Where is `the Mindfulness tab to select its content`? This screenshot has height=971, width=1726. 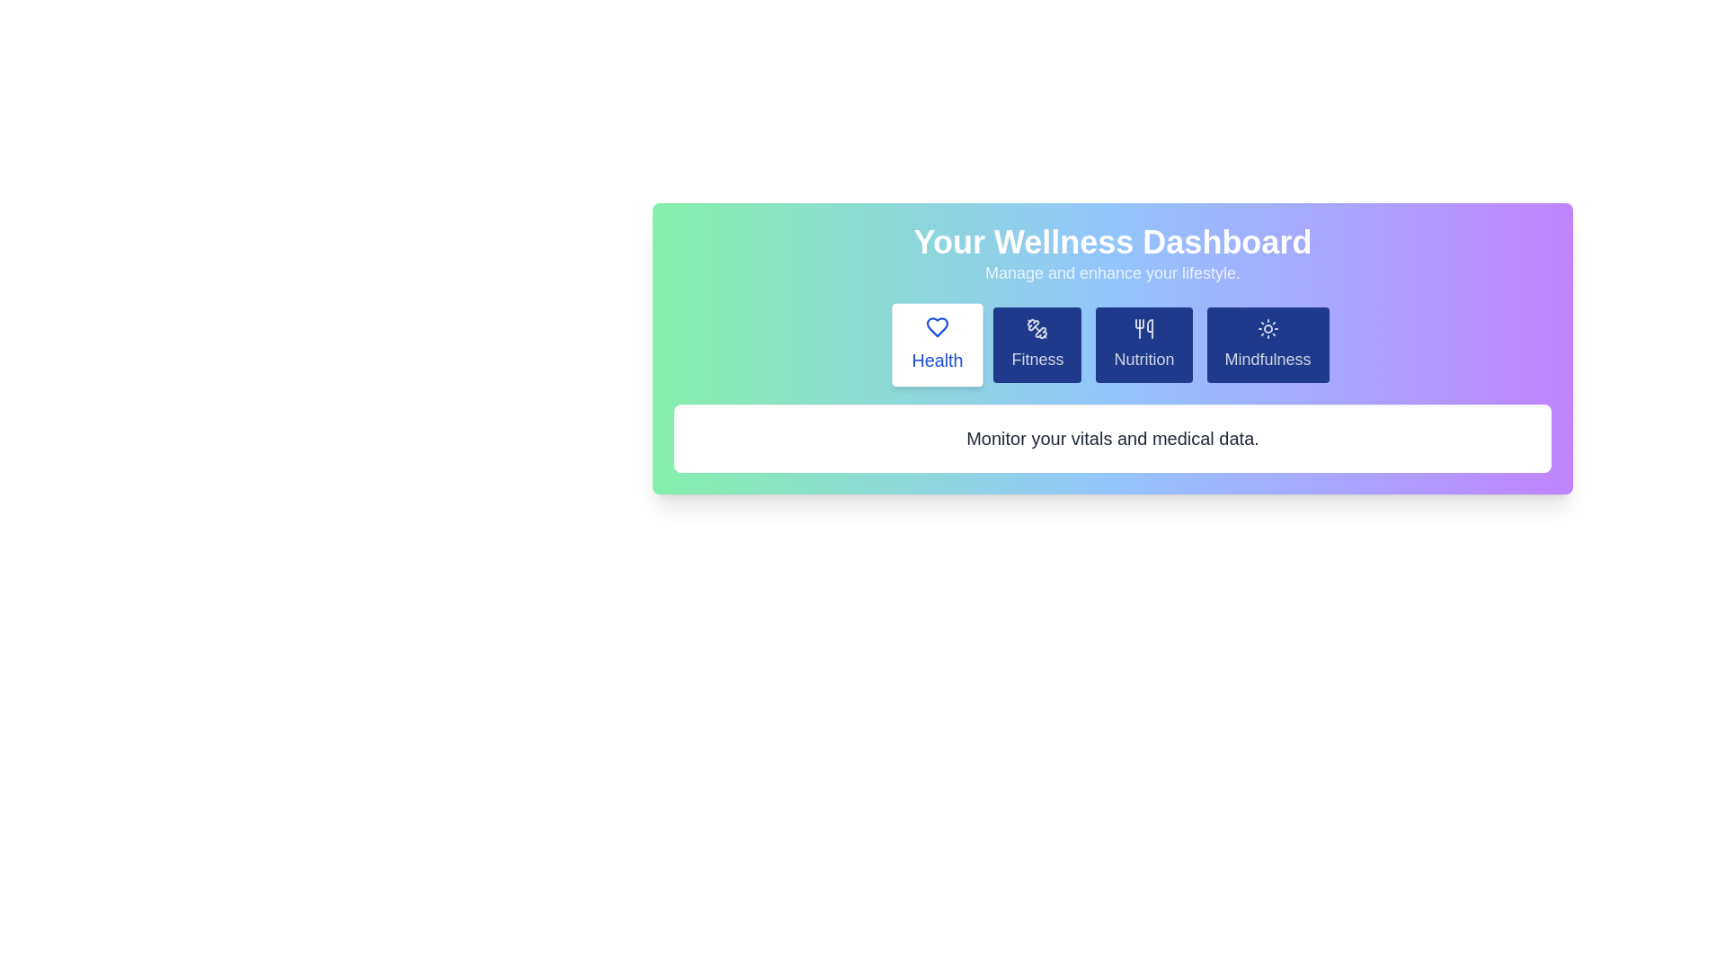 the Mindfulness tab to select its content is located at coordinates (1267, 345).